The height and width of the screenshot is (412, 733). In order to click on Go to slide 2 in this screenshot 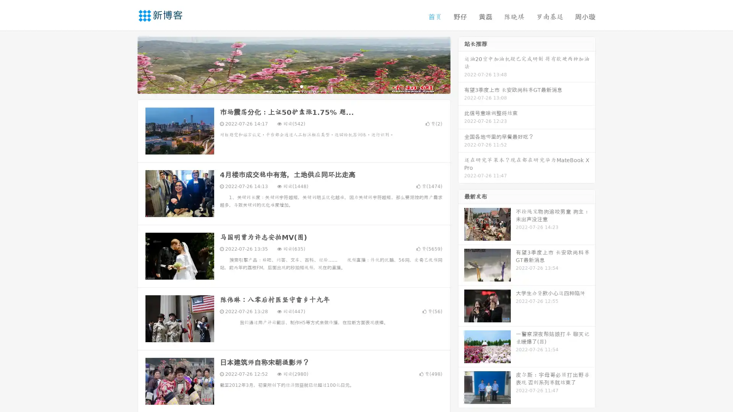, I will do `click(293, 86)`.